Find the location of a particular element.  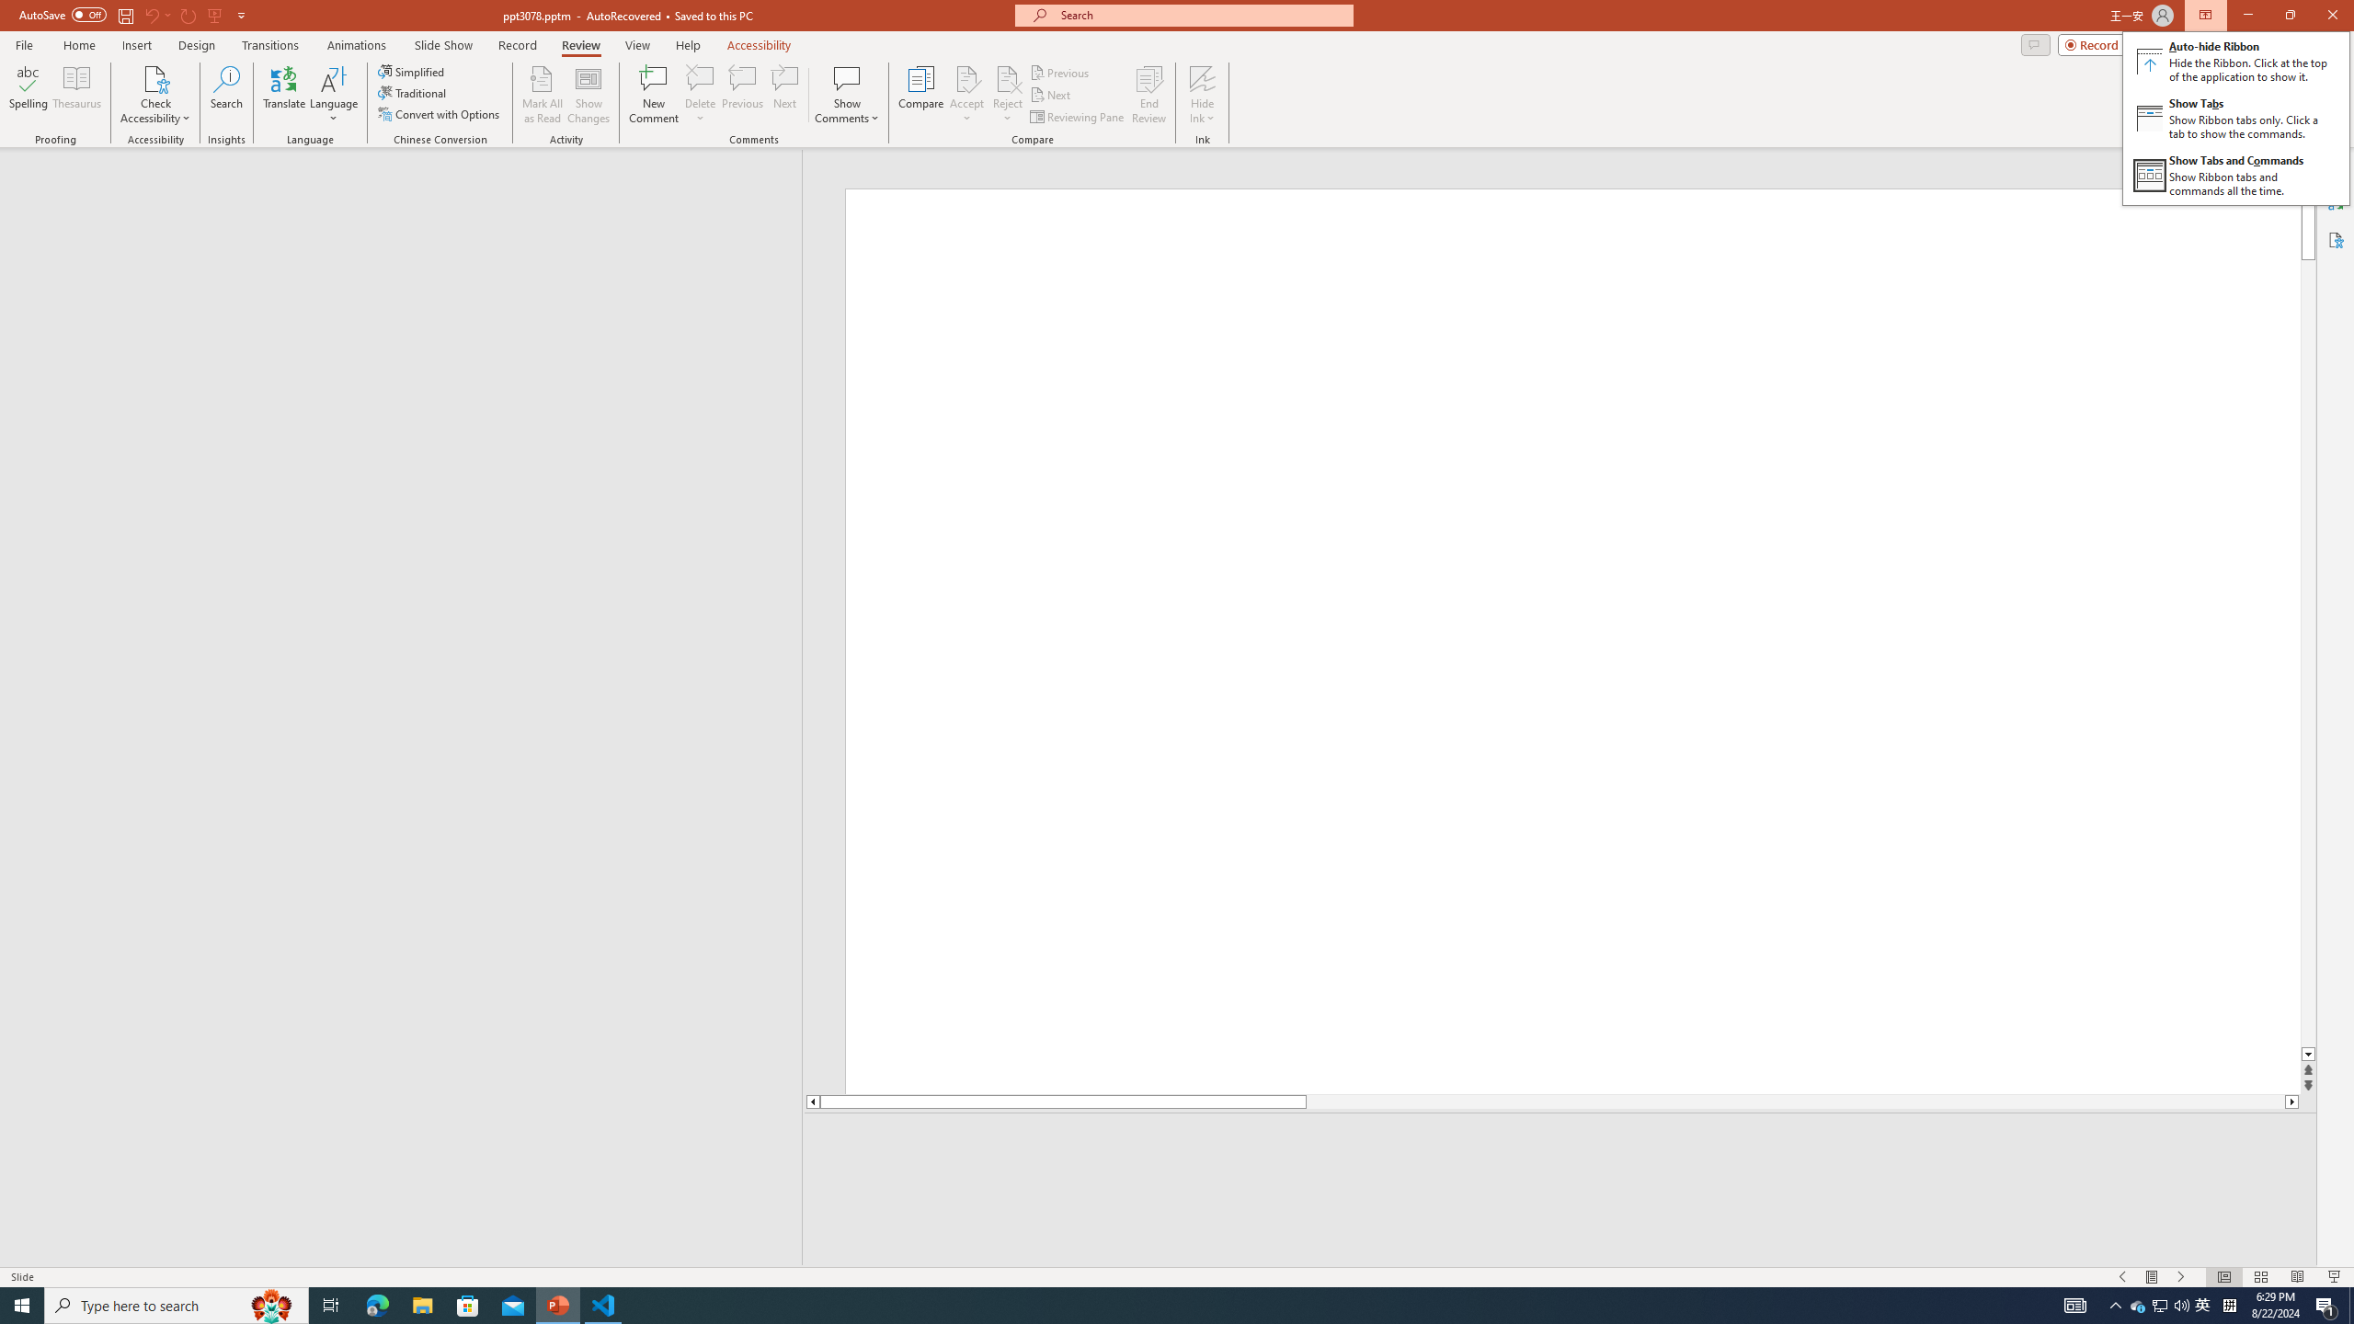

'Next' is located at coordinates (1050, 95).